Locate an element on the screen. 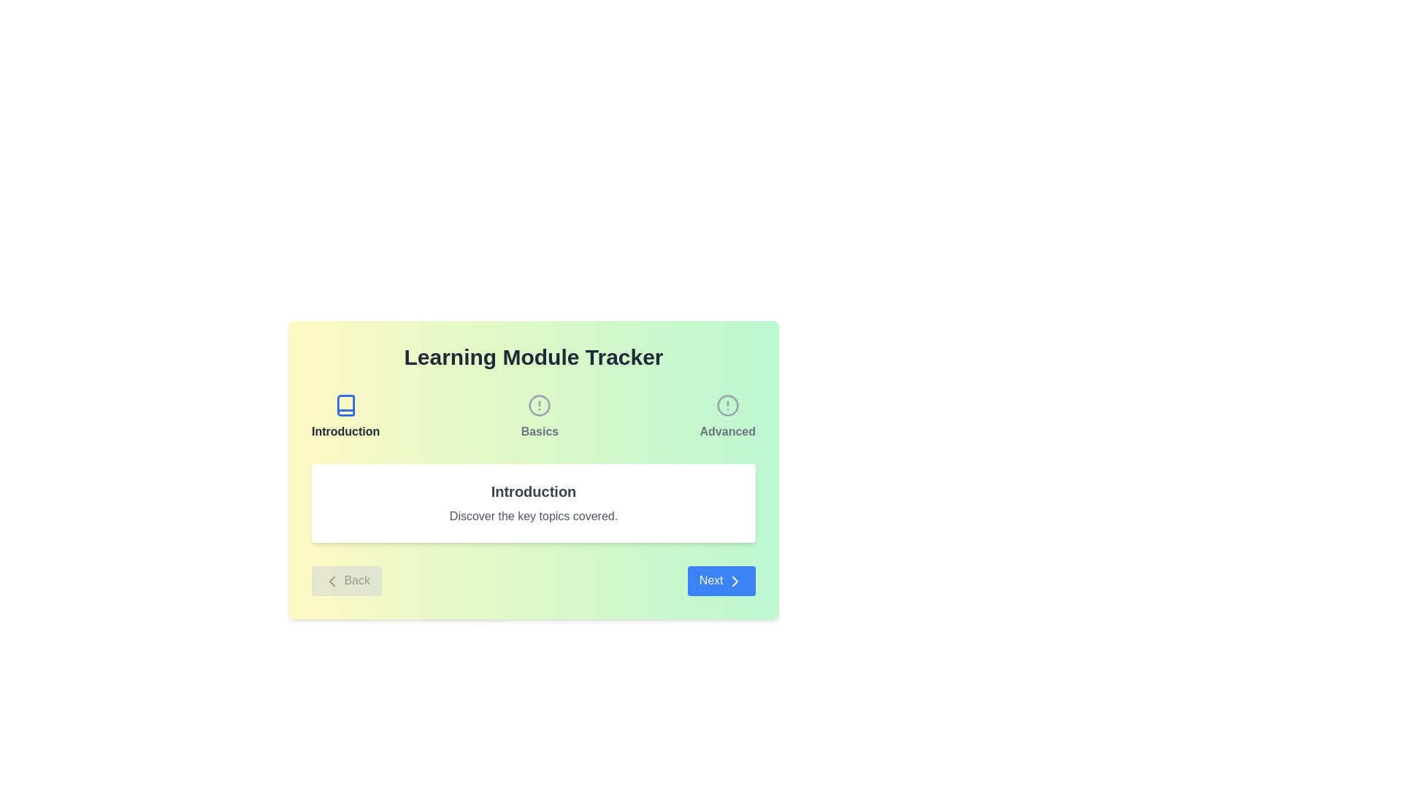  the book icon with a light blue background and darker blue border, which is associated with the 'Introduction' module on the 'Learning Module Tracker' interface is located at coordinates (345, 405).